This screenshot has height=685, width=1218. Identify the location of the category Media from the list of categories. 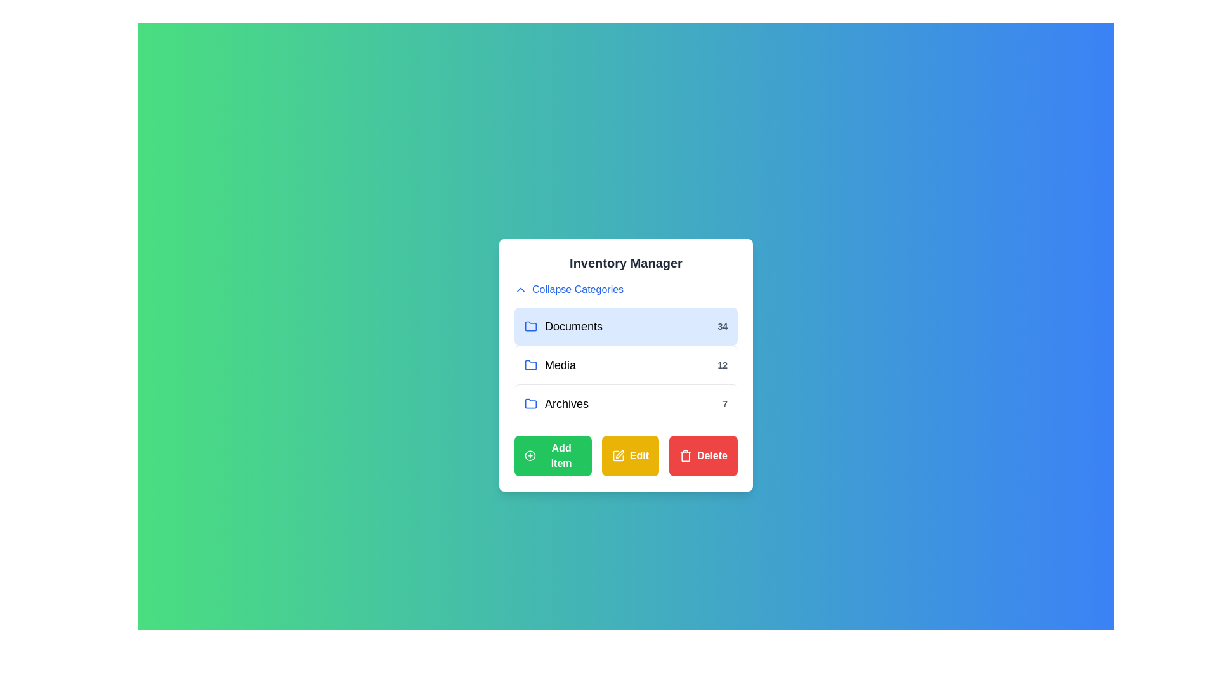
(626, 365).